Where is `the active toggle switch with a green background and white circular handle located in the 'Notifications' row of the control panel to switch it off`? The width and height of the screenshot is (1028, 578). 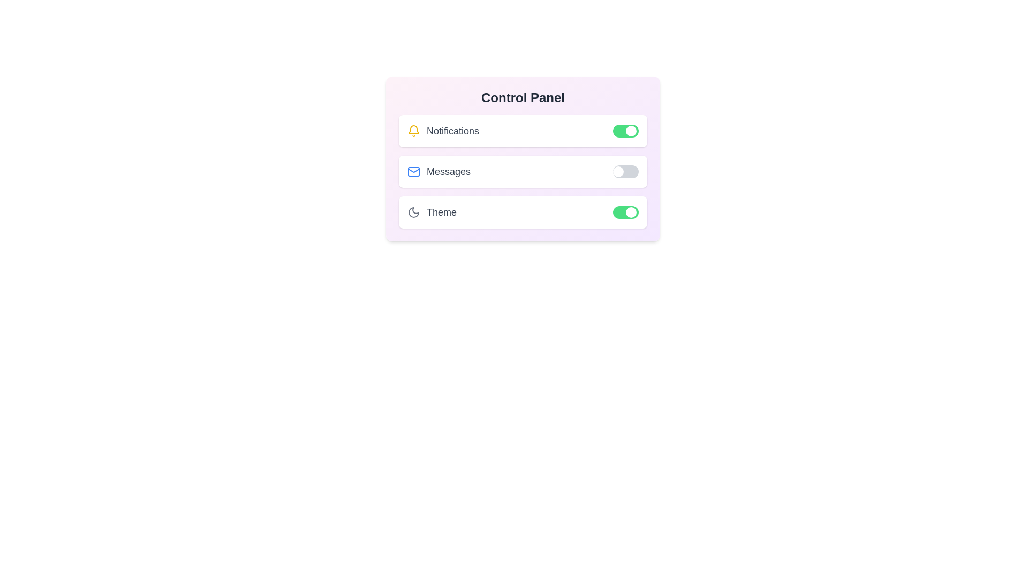
the active toggle switch with a green background and white circular handle located in the 'Notifications' row of the control panel to switch it off is located at coordinates (626, 131).